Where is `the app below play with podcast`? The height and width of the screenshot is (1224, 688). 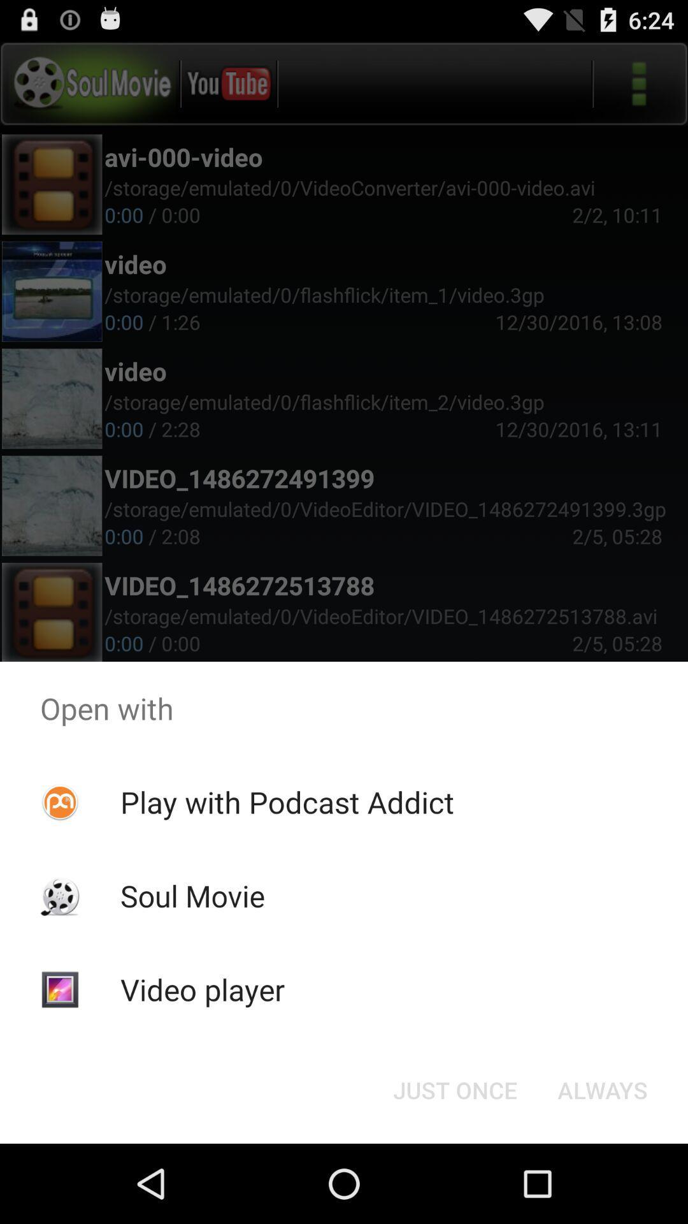 the app below play with podcast is located at coordinates (454, 1089).